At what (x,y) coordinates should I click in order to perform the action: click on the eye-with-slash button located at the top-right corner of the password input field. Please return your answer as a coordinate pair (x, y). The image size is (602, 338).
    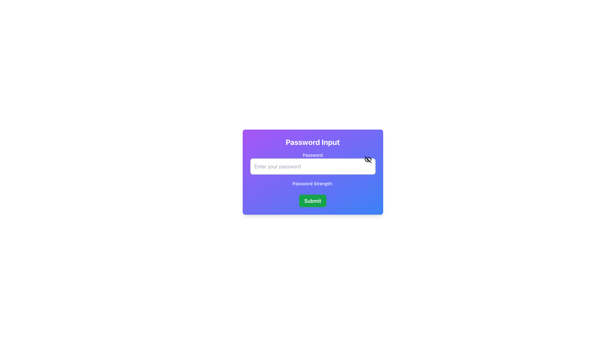
    Looking at the image, I should click on (368, 159).